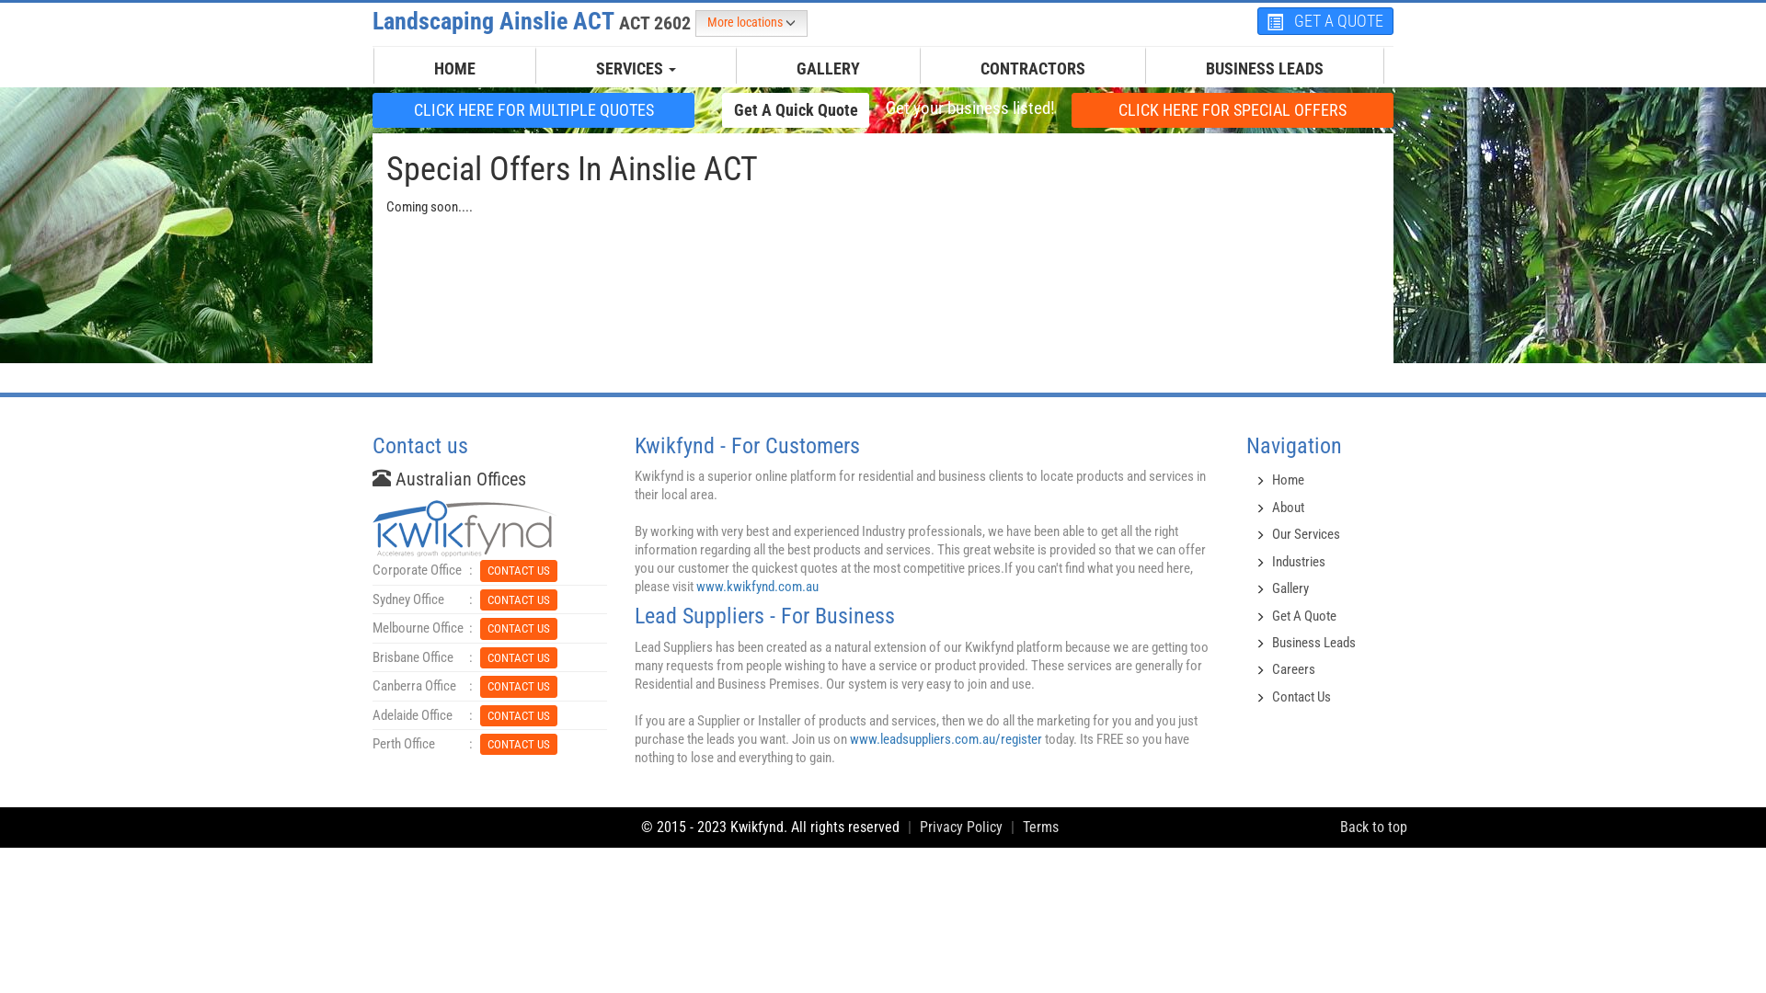 The width and height of the screenshot is (1766, 993). Describe the element at coordinates (1287, 478) in the screenshot. I see `'Home'` at that location.